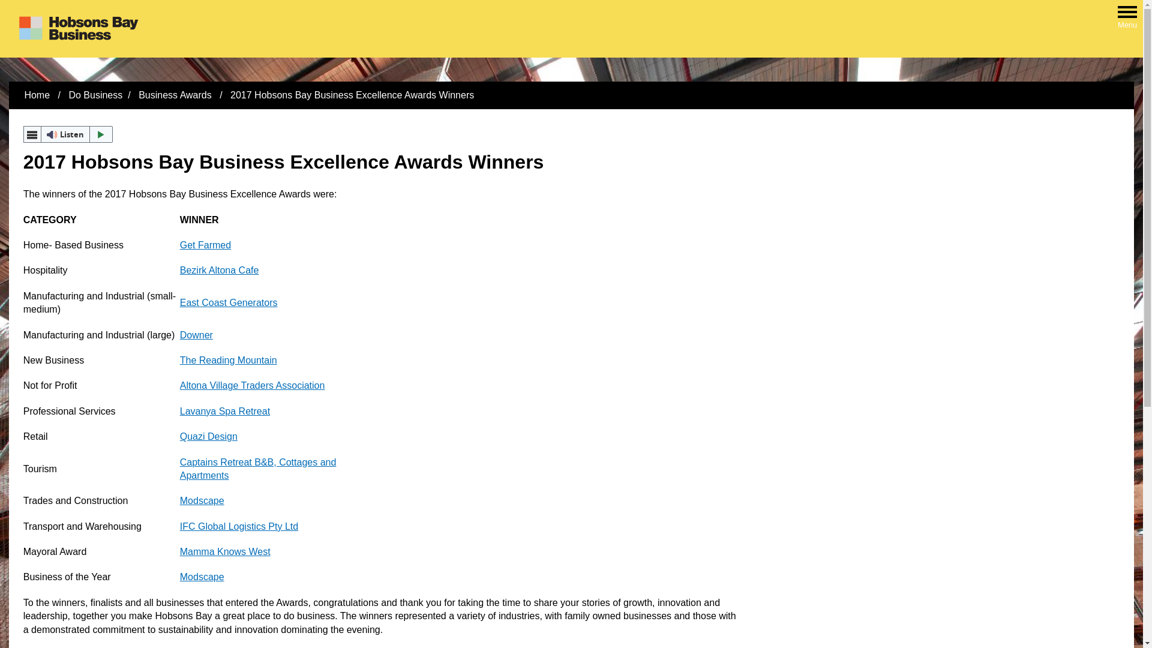 This screenshot has width=1152, height=648. What do you see at coordinates (32, 134) in the screenshot?
I see `'webReader menu'` at bounding box center [32, 134].